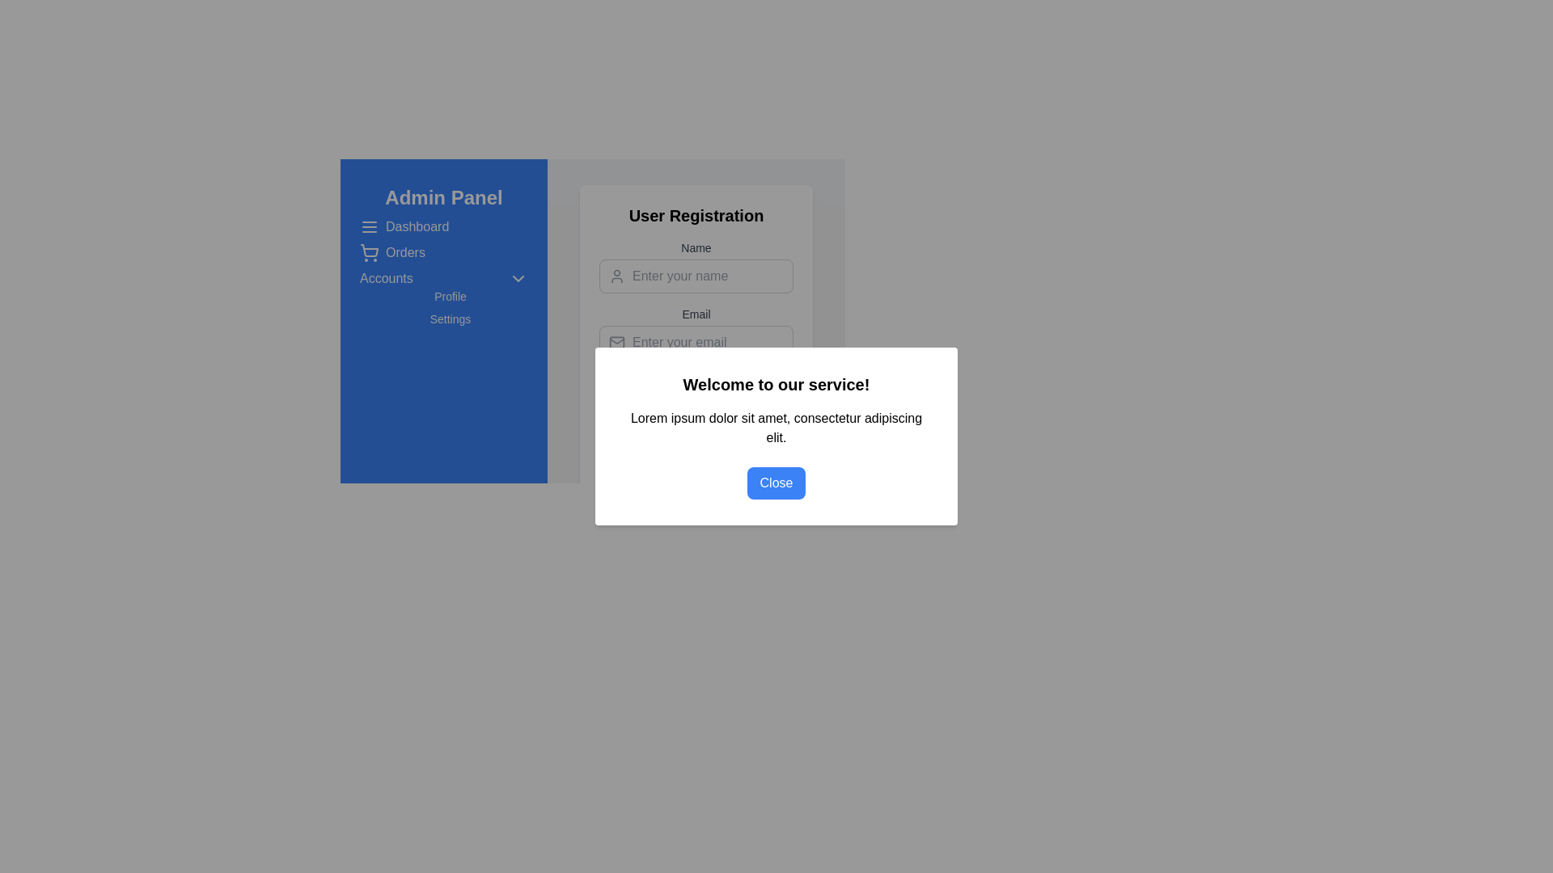 The width and height of the screenshot is (1553, 873). I want to click on the 'Name' label, which is a small, bold, medium gray text element located above the name input field in the user registration form, so click(696, 248).